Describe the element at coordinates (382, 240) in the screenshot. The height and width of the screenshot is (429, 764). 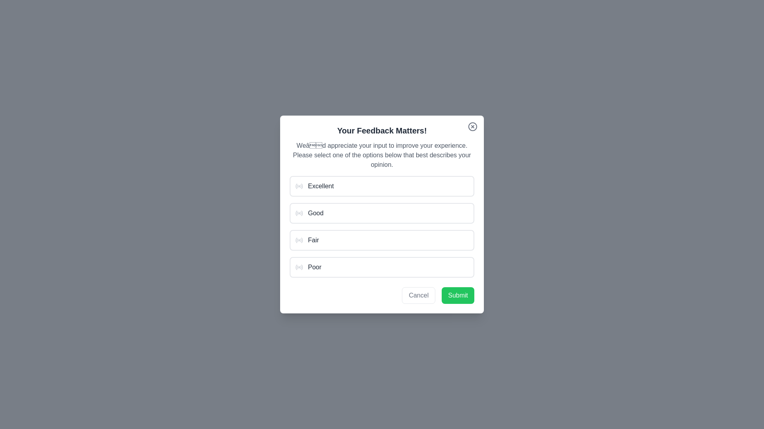
I see `the option 'Fair' from the list` at that location.